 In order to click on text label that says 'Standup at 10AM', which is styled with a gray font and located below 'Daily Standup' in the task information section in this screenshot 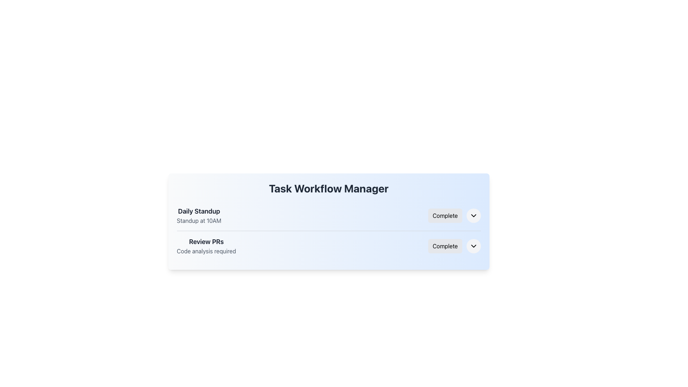, I will do `click(199, 220)`.